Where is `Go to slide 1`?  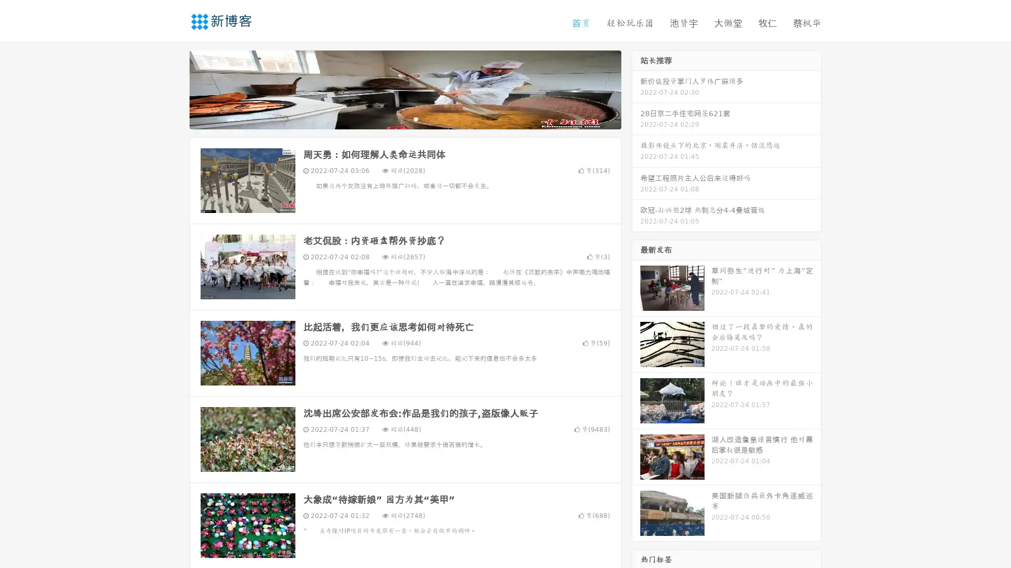 Go to slide 1 is located at coordinates (394, 118).